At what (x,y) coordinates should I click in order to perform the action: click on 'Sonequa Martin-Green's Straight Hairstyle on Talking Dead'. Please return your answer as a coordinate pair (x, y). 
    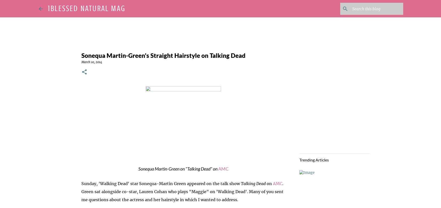
    Looking at the image, I should click on (81, 55).